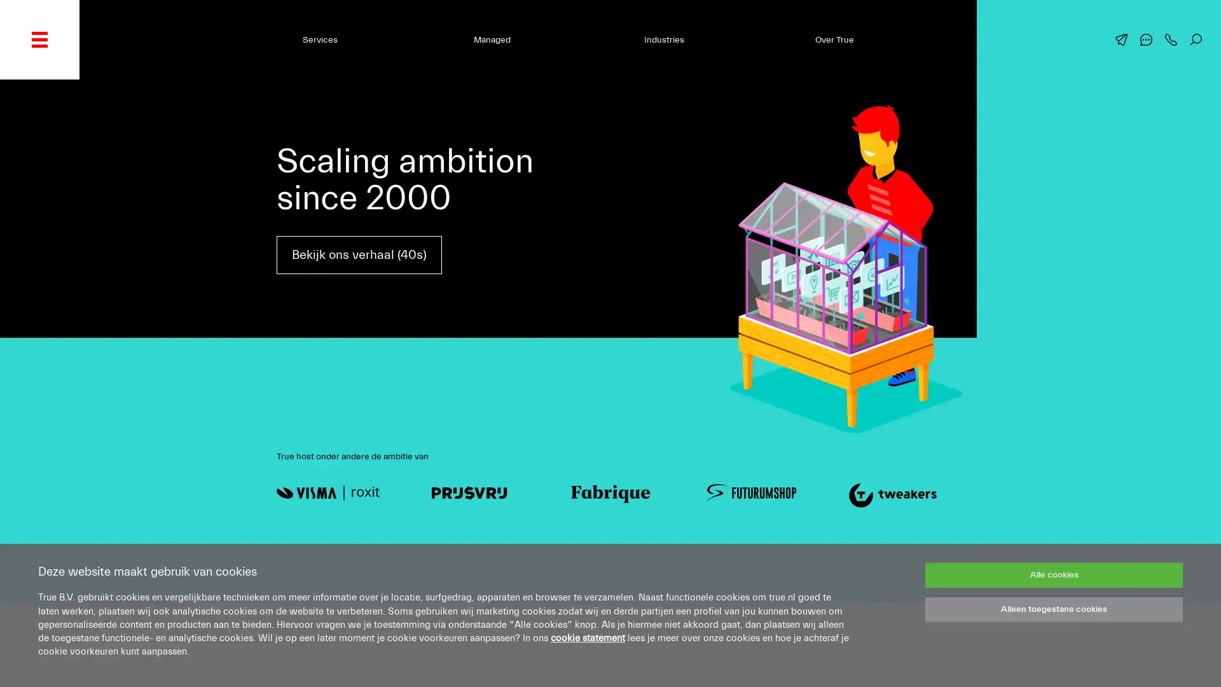 The height and width of the screenshot is (687, 1221). I want to click on Alle cookies, so click(1054, 569).